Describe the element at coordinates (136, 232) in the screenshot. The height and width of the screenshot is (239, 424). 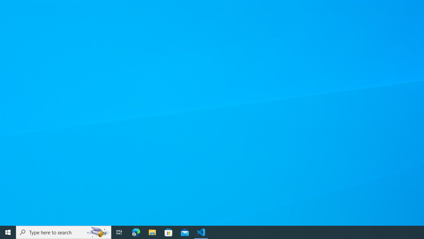
I see `'Microsoft Edge'` at that location.